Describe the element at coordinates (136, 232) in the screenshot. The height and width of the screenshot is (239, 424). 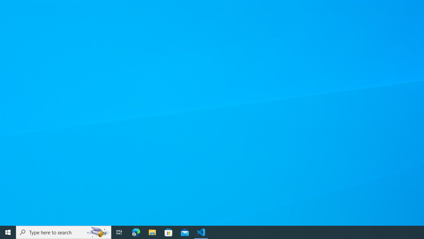
I see `'Microsoft Edge'` at that location.